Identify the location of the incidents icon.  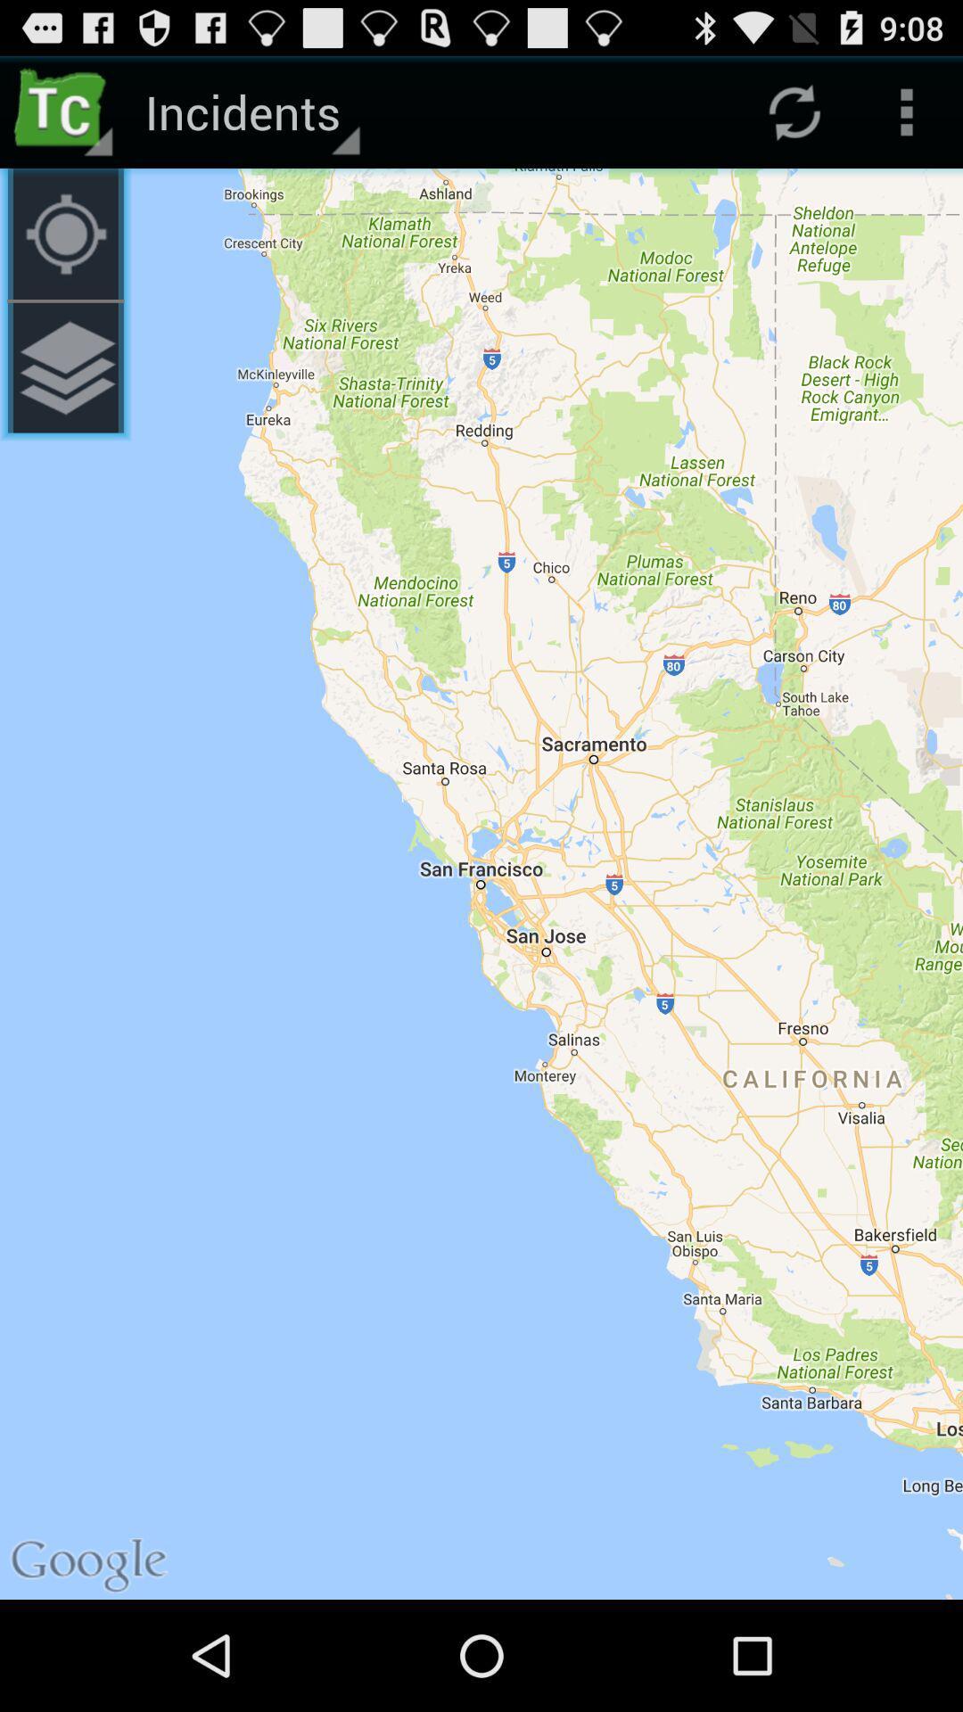
(250, 111).